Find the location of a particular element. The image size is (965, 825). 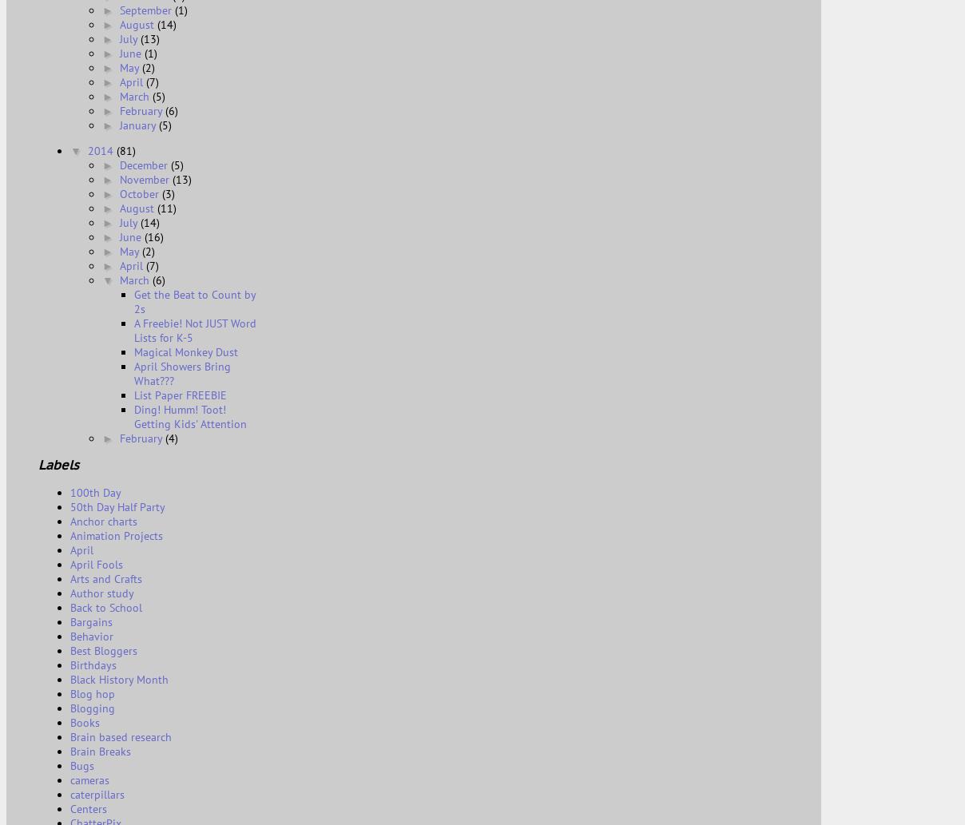

'Bargains' is located at coordinates (90, 621).